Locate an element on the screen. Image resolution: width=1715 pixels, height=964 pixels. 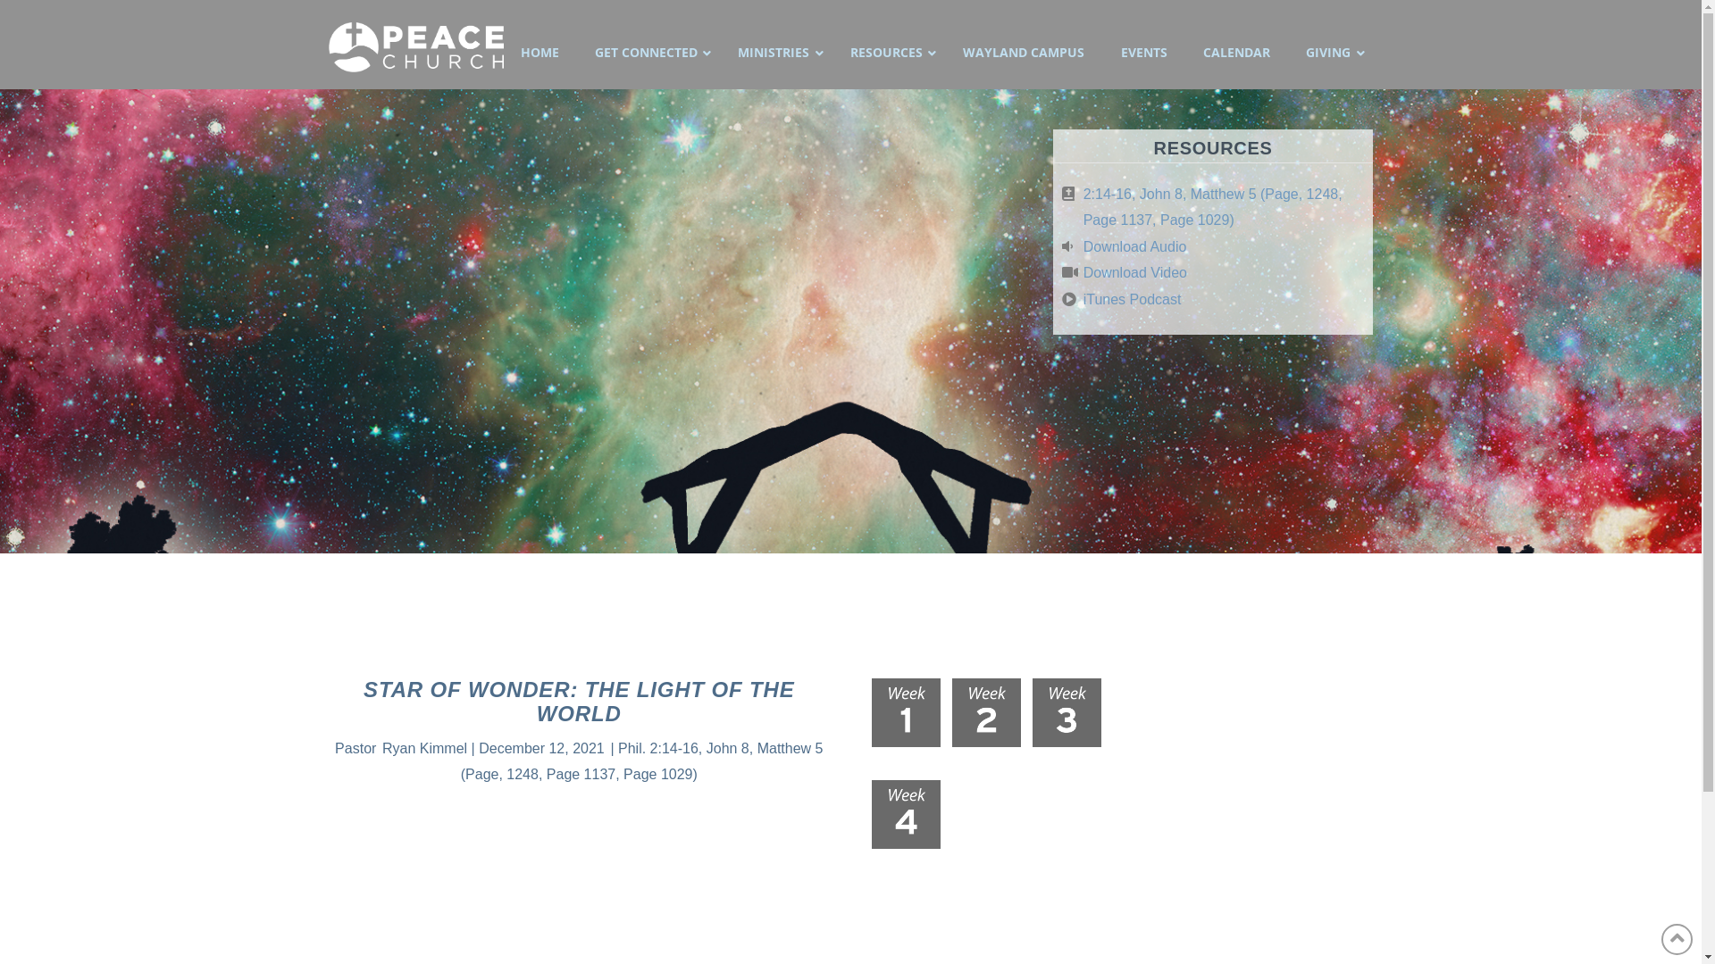
'CALENDAR' is located at coordinates (1184, 51).